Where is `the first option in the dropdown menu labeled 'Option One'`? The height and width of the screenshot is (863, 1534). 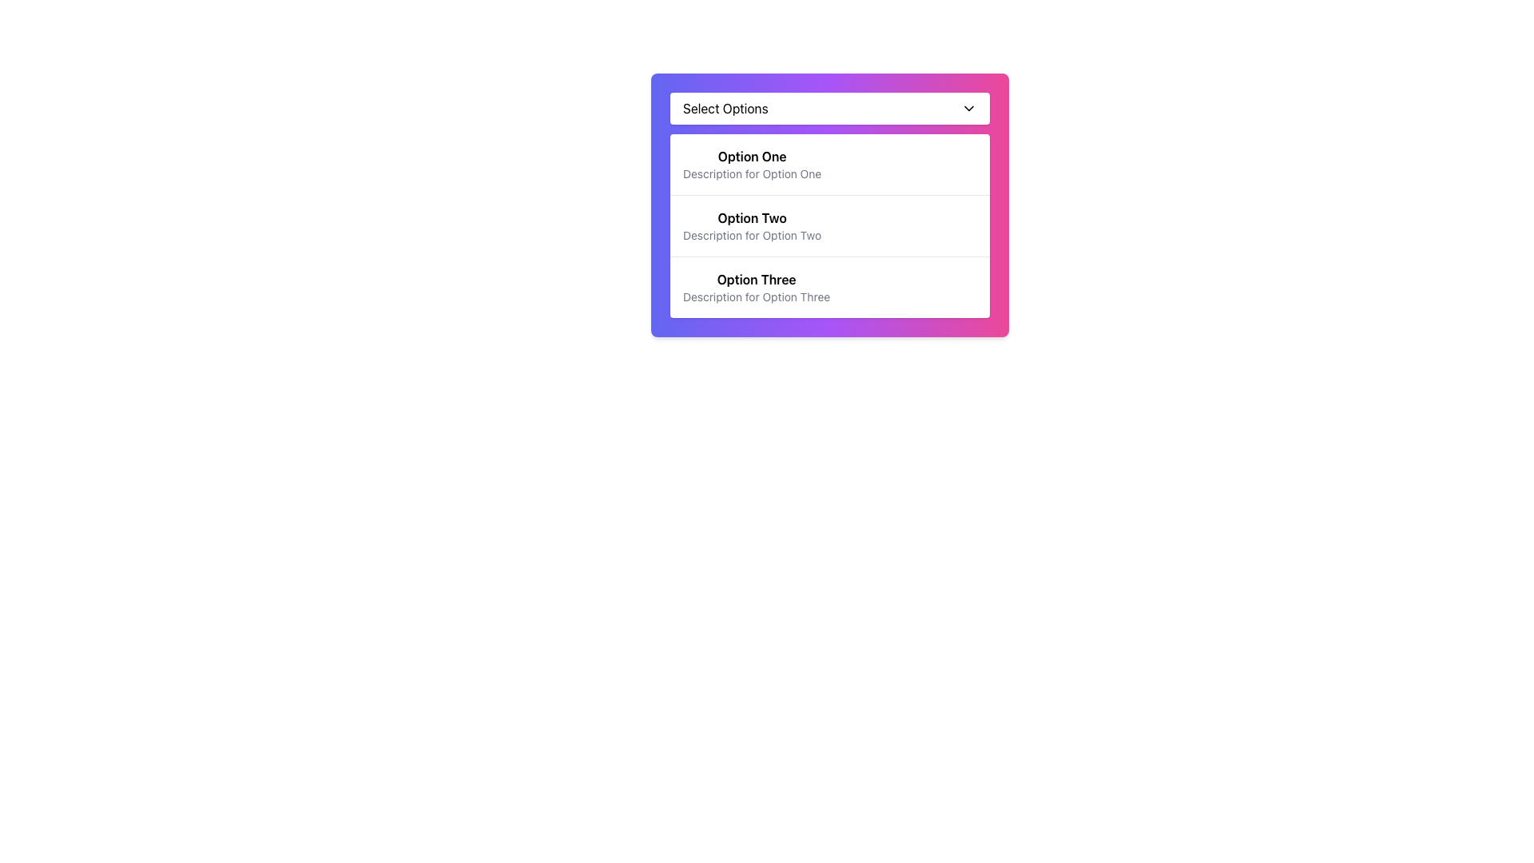
the first option in the dropdown menu labeled 'Option One' is located at coordinates (829, 164).